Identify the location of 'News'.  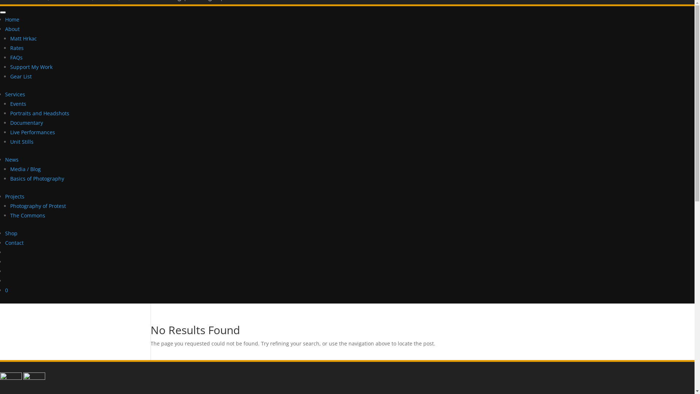
(12, 159).